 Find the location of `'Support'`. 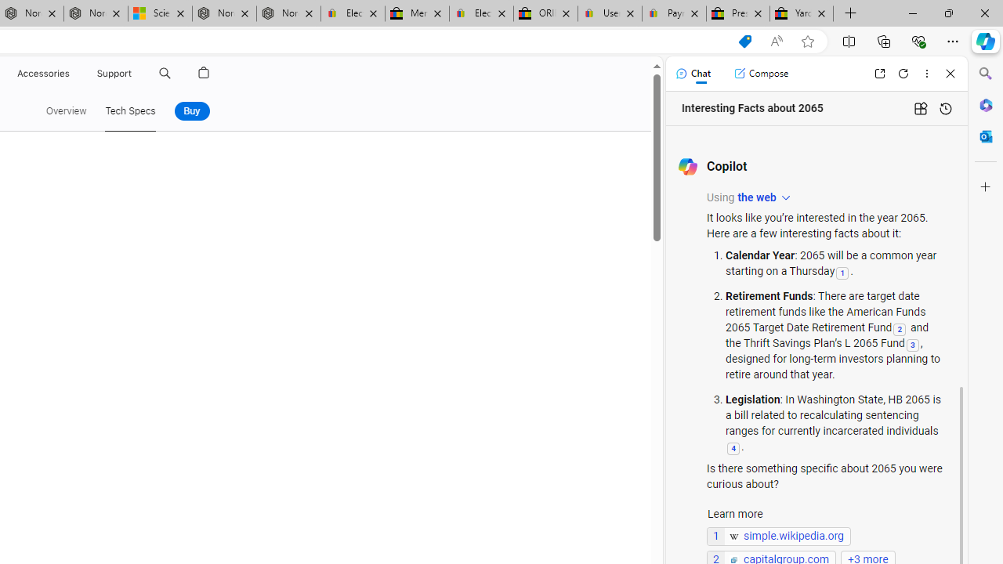

'Support' is located at coordinates (114, 73).